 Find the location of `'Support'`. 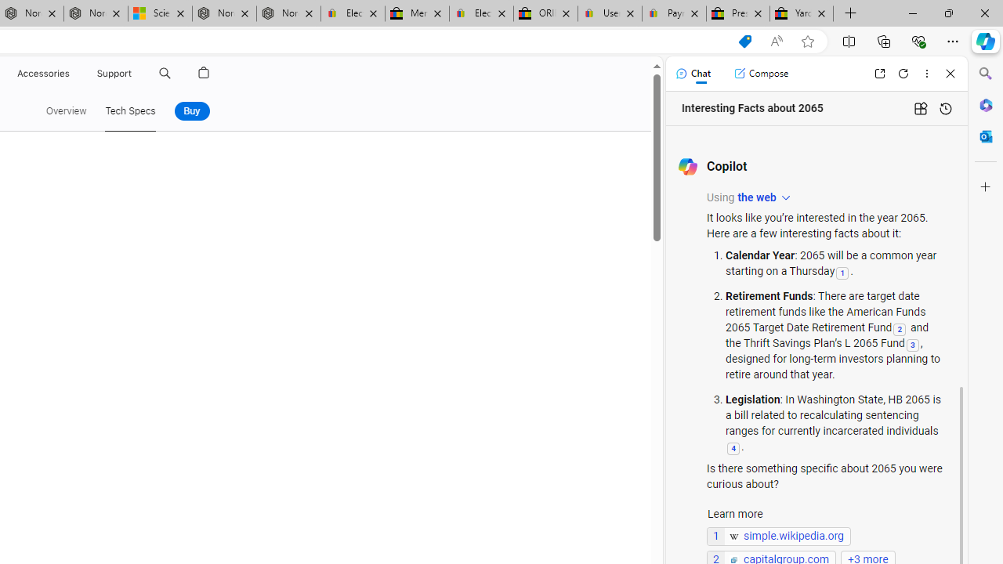

'Support' is located at coordinates (114, 73).